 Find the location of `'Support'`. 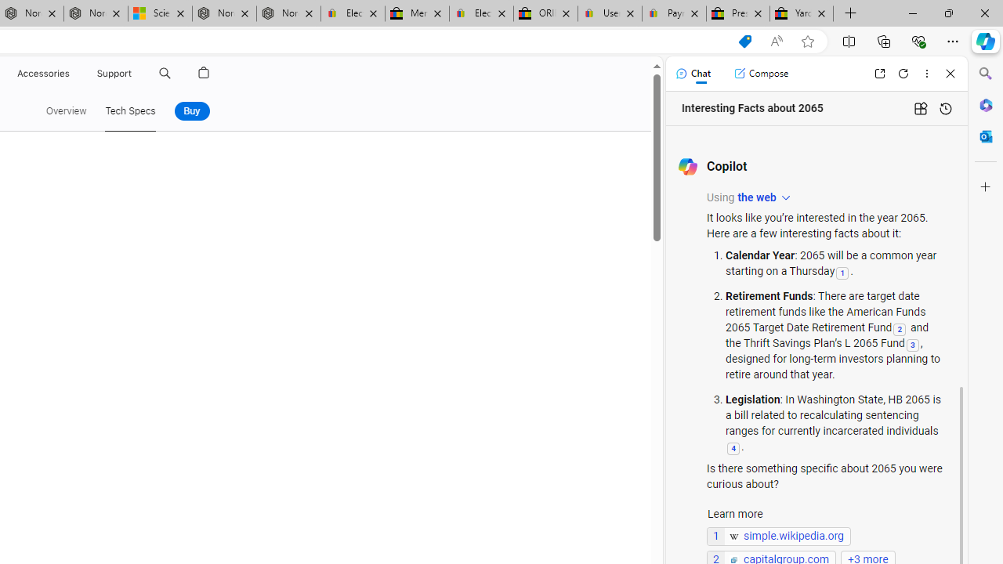

'Support' is located at coordinates (114, 73).